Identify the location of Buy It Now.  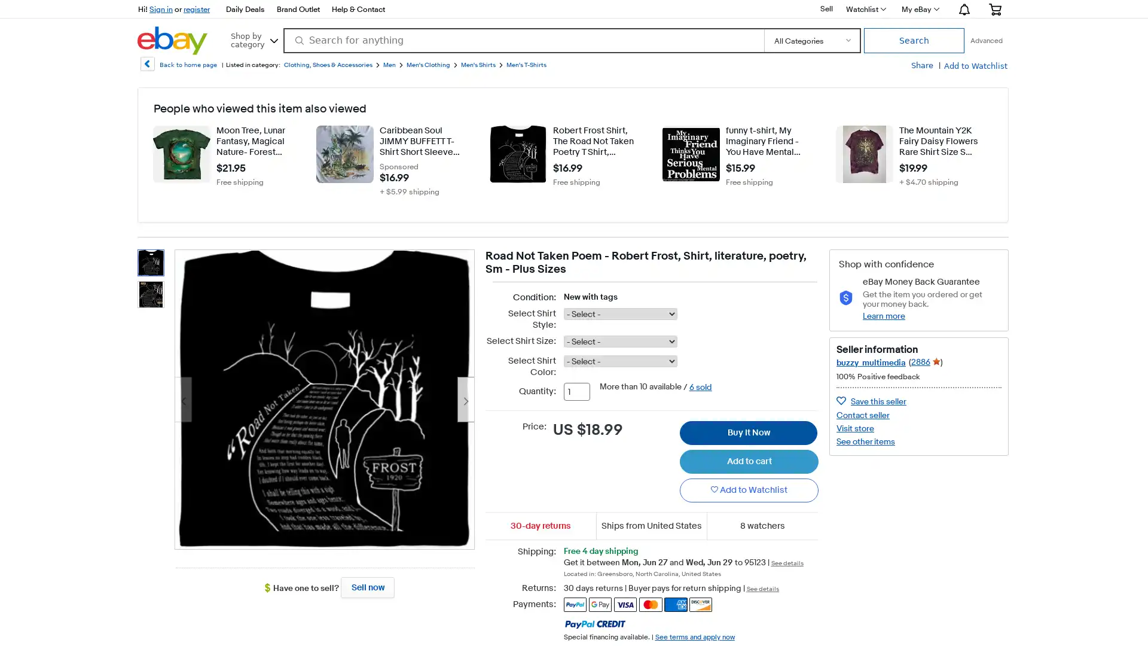
(748, 433).